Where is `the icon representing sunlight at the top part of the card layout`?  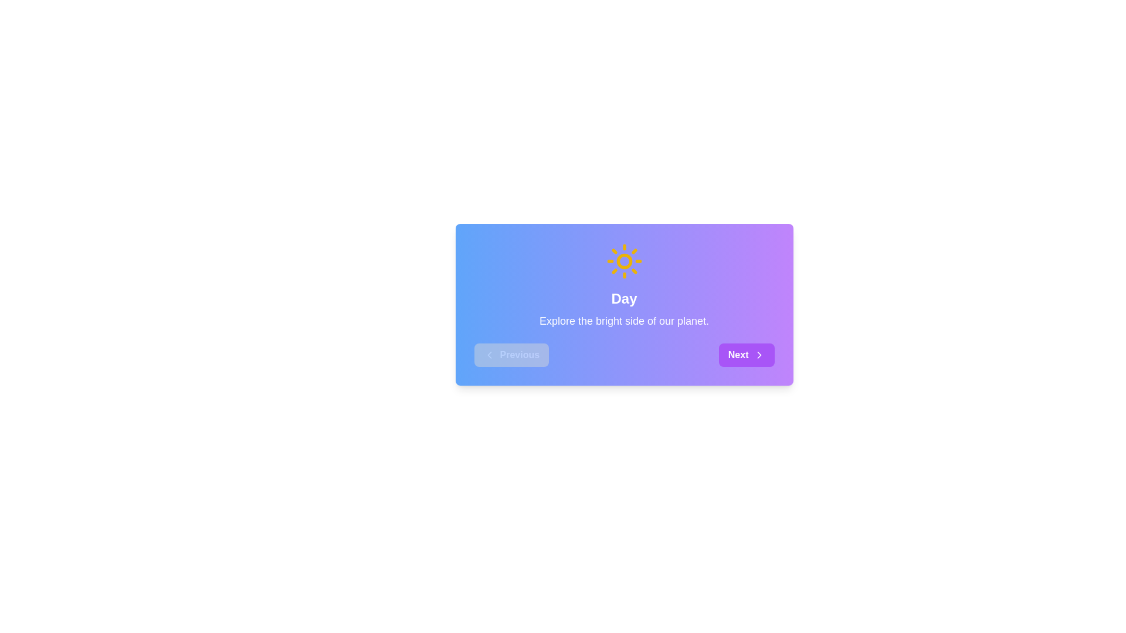
the icon representing sunlight at the top part of the card layout is located at coordinates (623, 261).